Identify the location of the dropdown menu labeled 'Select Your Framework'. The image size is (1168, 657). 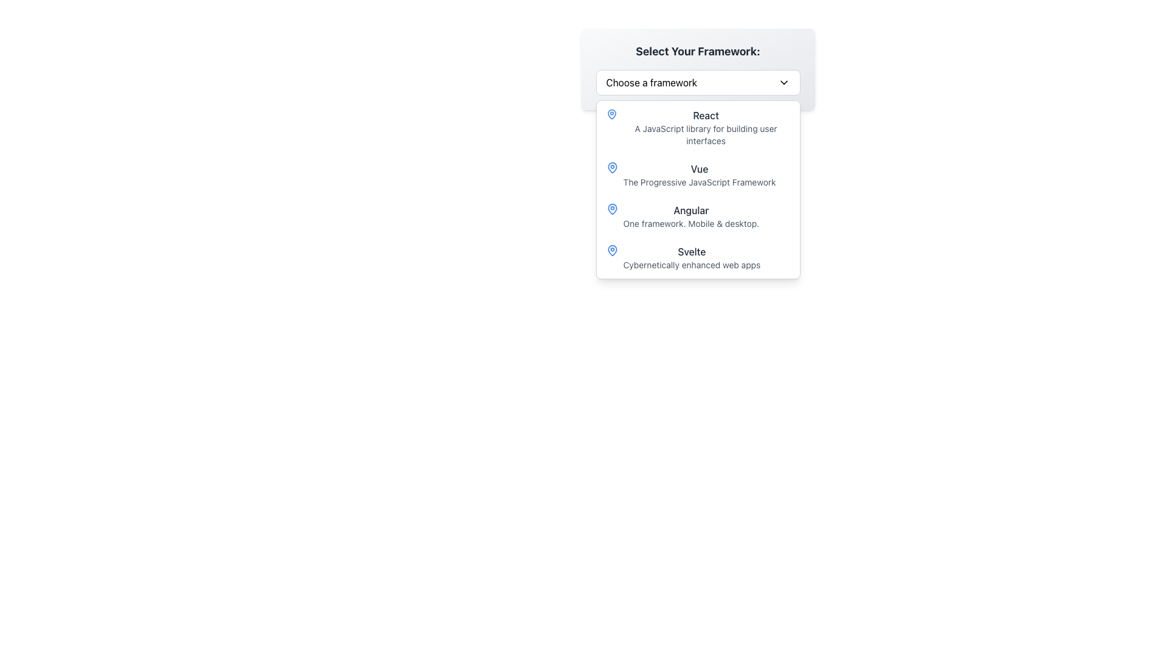
(698, 69).